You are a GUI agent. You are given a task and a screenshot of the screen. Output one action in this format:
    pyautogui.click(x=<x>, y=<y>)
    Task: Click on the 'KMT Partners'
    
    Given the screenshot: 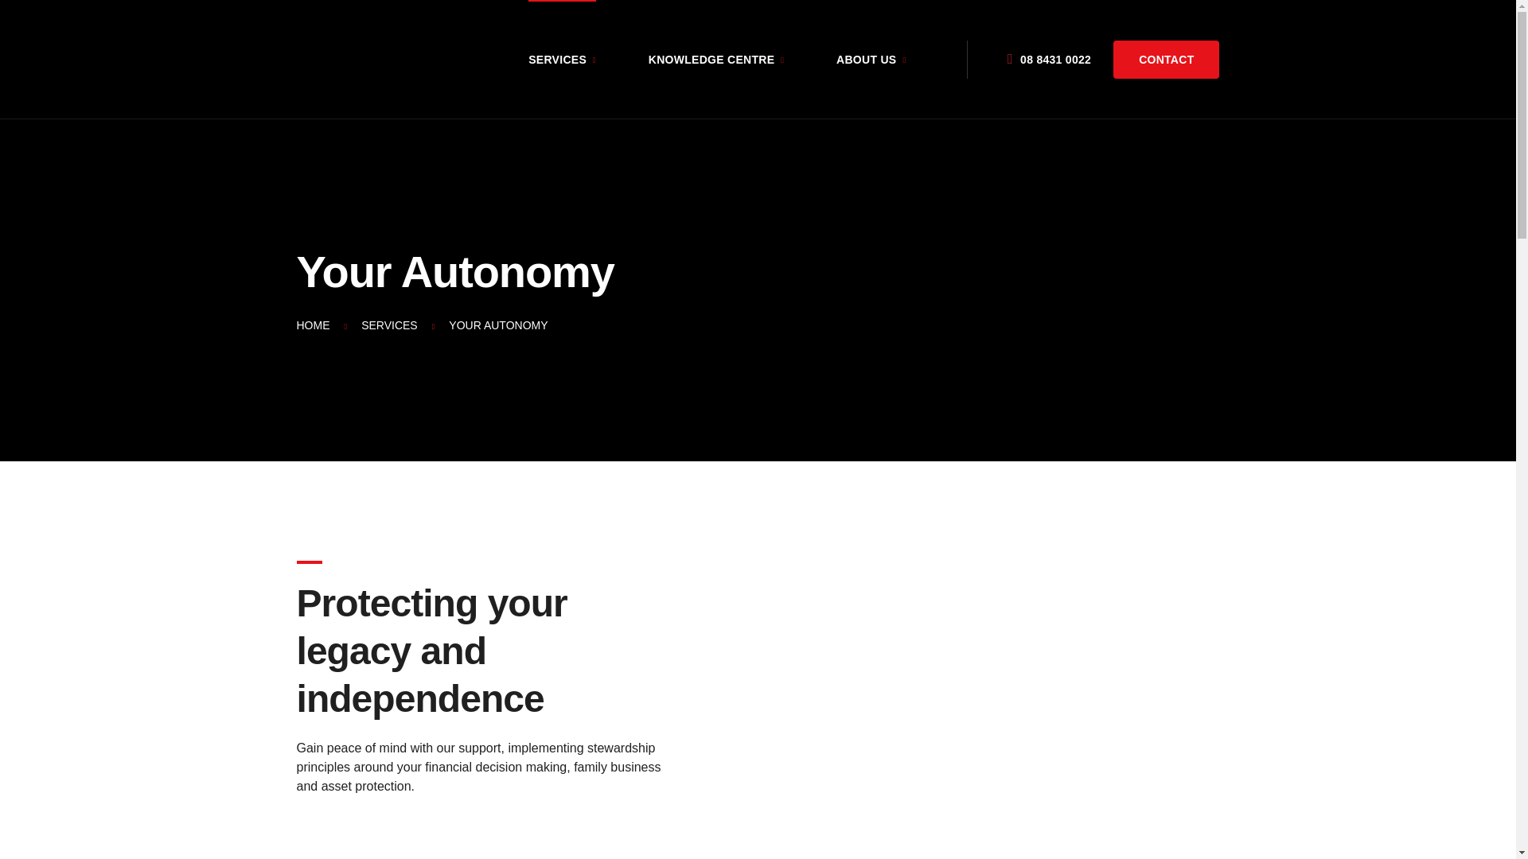 What is the action you would take?
    pyautogui.click(x=335, y=58)
    